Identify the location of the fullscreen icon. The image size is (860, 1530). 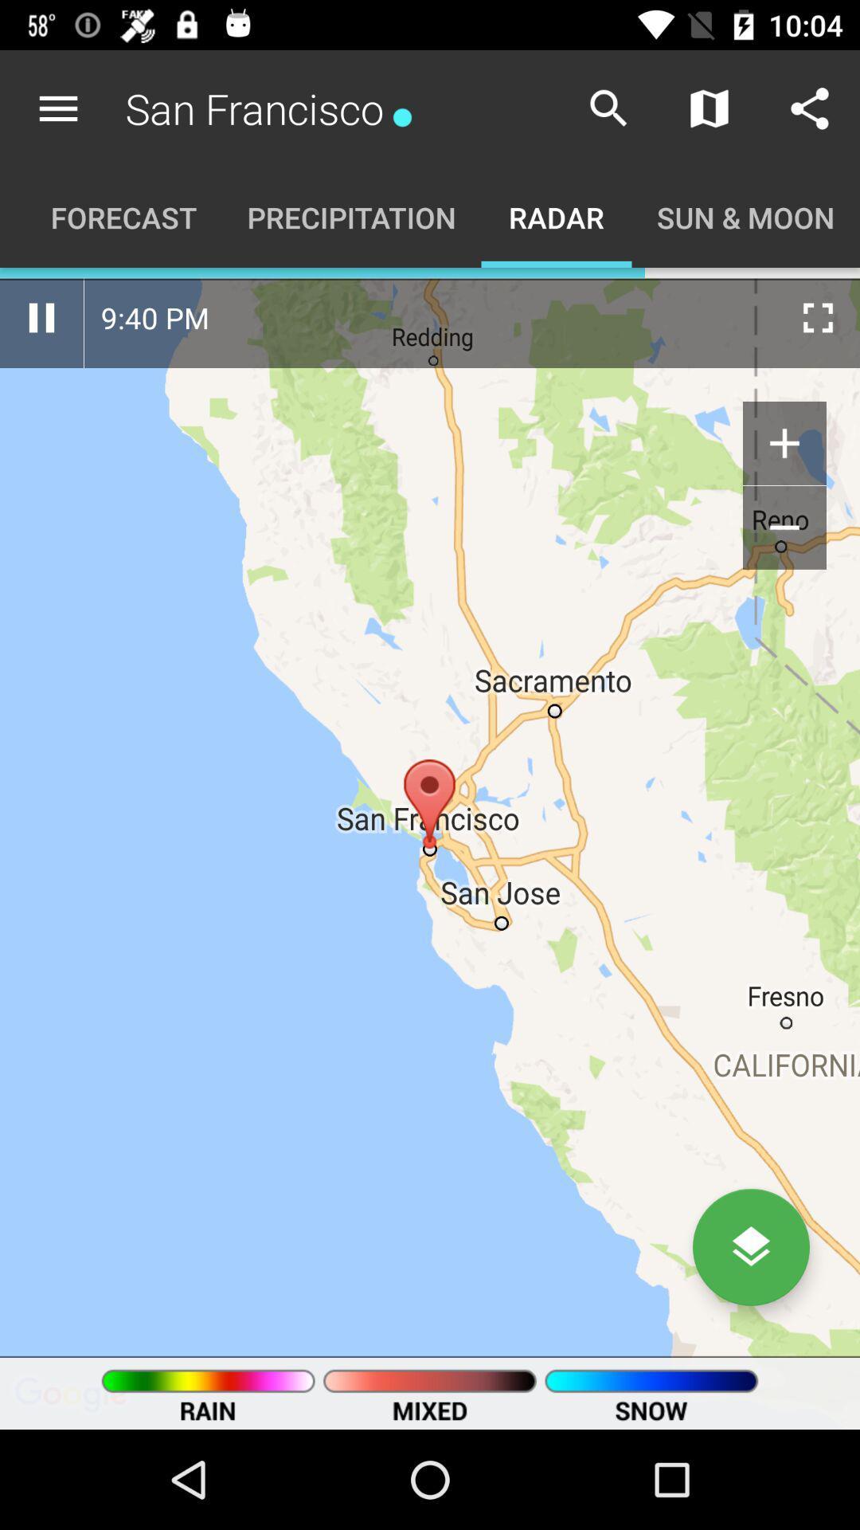
(818, 317).